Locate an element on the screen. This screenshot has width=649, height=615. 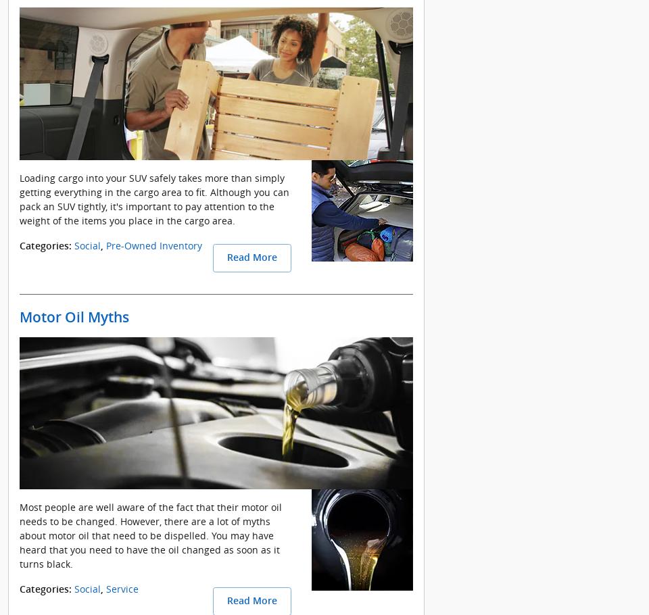
'Pre-Owned Inventory' is located at coordinates (105, 245).